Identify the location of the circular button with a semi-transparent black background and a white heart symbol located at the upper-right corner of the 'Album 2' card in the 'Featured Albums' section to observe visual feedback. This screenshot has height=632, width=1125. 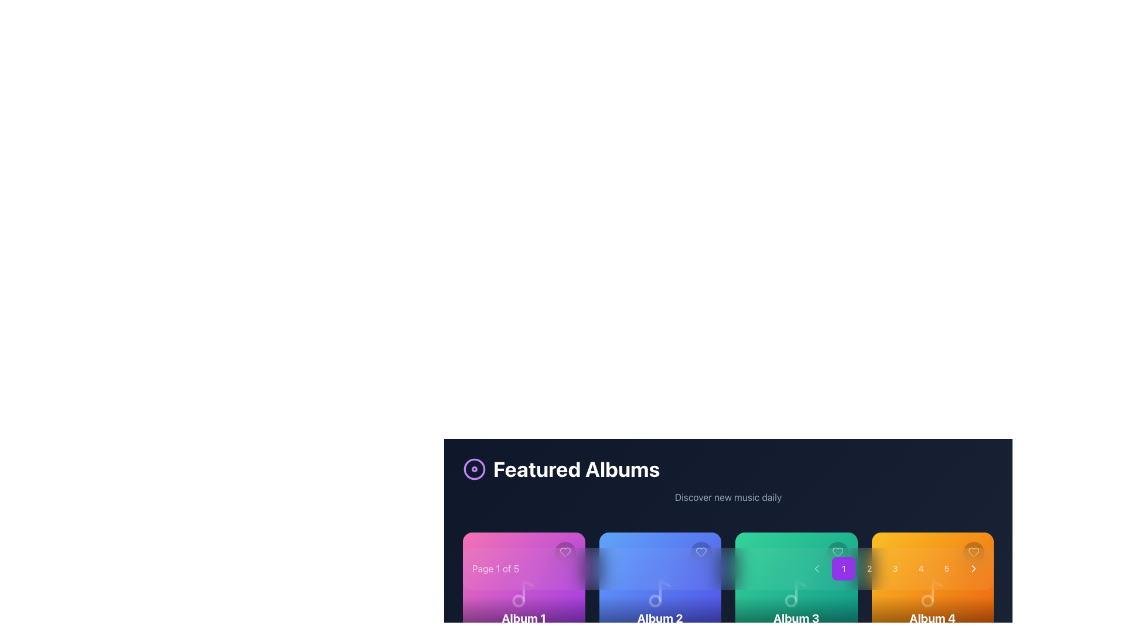
(701, 552).